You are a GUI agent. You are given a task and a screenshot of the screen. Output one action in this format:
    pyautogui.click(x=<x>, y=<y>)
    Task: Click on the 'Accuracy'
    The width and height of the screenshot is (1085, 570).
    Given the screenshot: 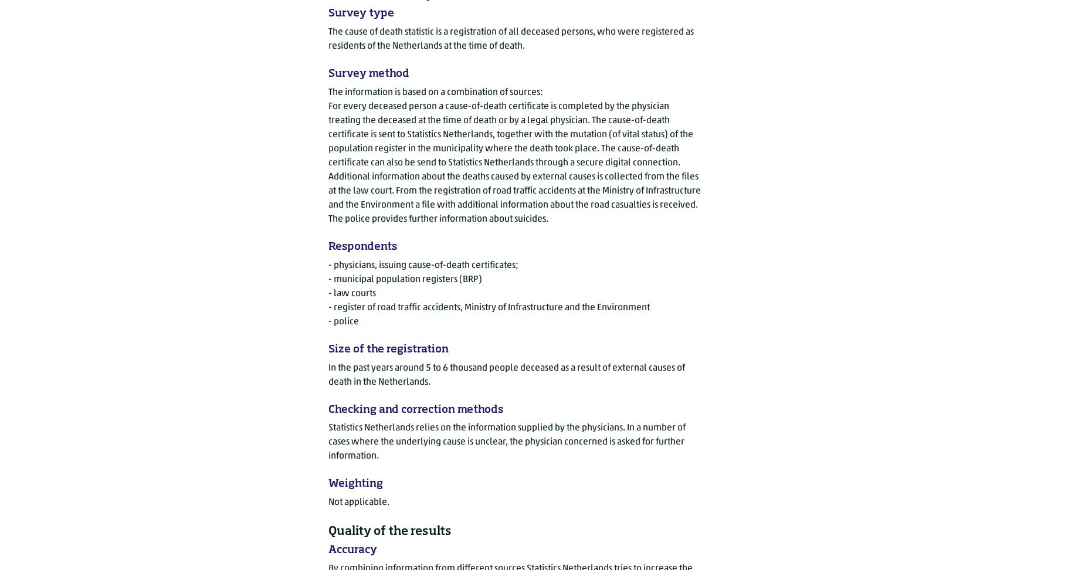 What is the action you would take?
    pyautogui.click(x=328, y=549)
    